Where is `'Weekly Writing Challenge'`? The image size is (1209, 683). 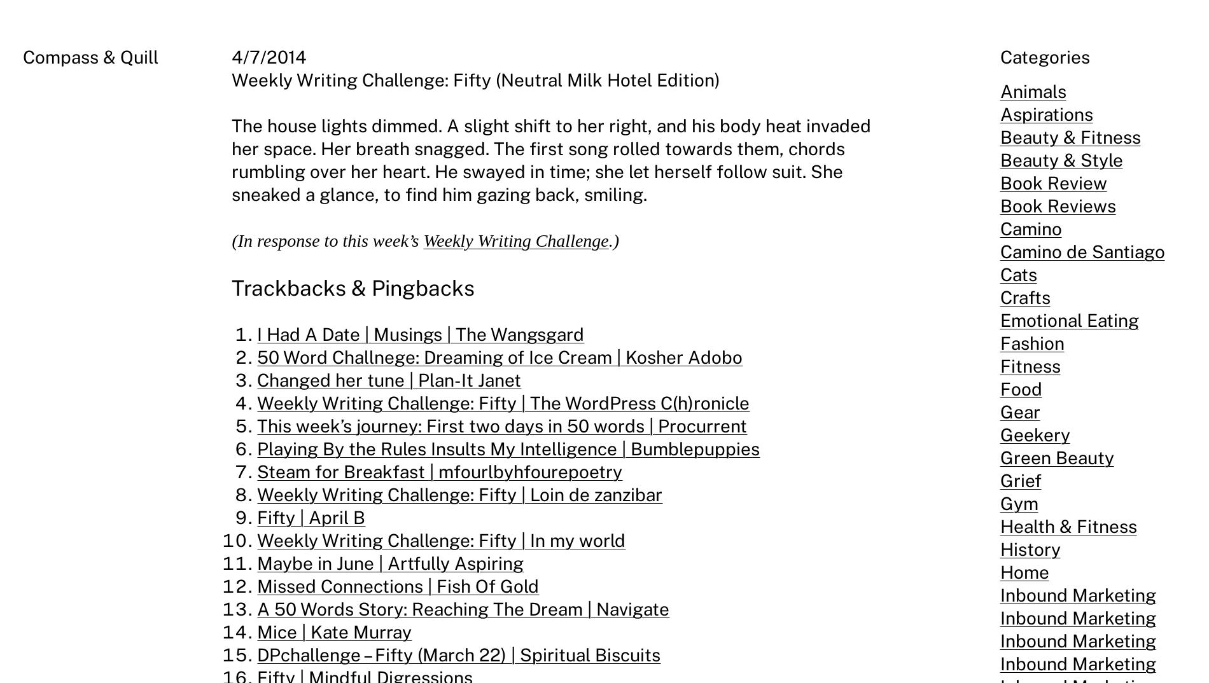
'Weekly Writing Challenge' is located at coordinates (515, 240).